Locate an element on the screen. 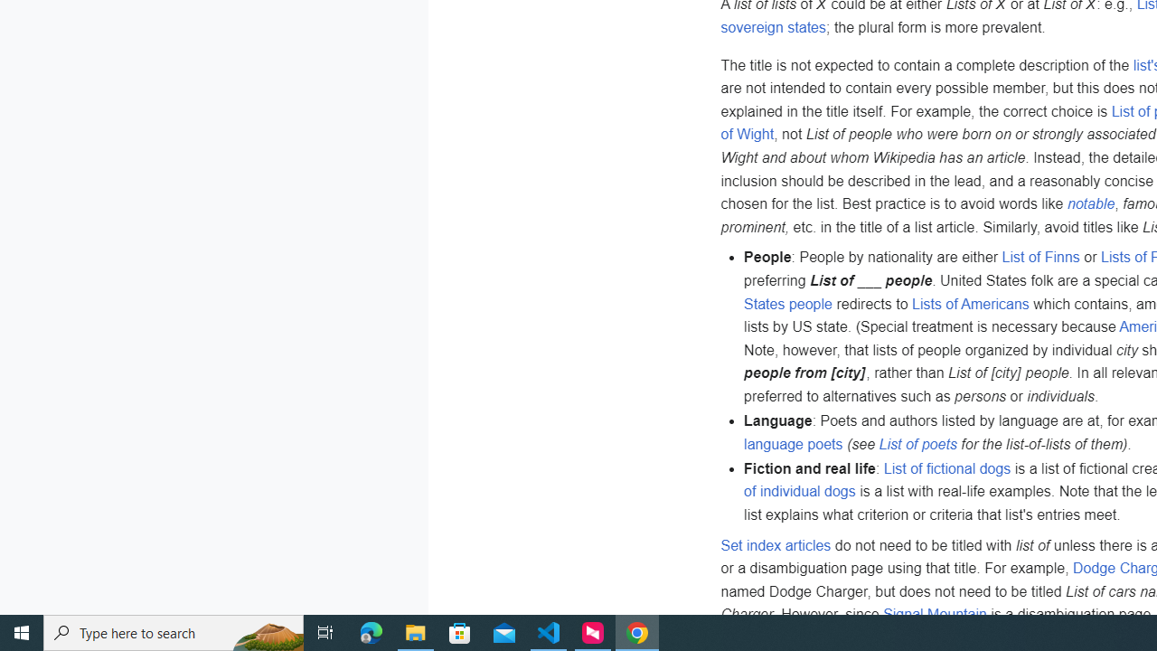  'List of poets' is located at coordinates (917, 443).